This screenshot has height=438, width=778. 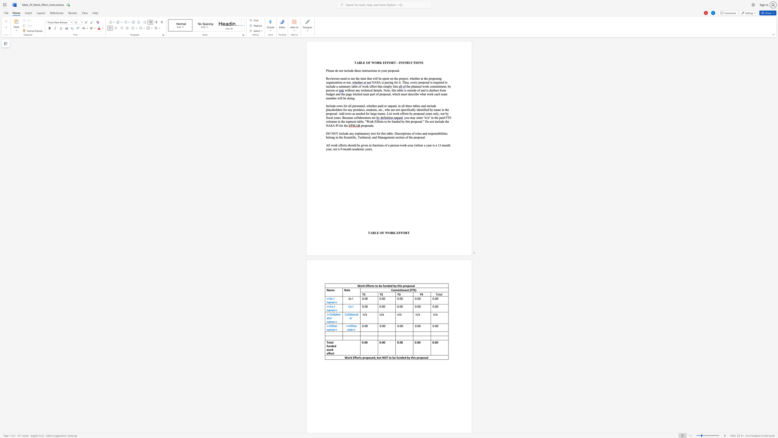 I want to click on the space between the continuous character "o" and "c" in the text, so click(x=362, y=109).